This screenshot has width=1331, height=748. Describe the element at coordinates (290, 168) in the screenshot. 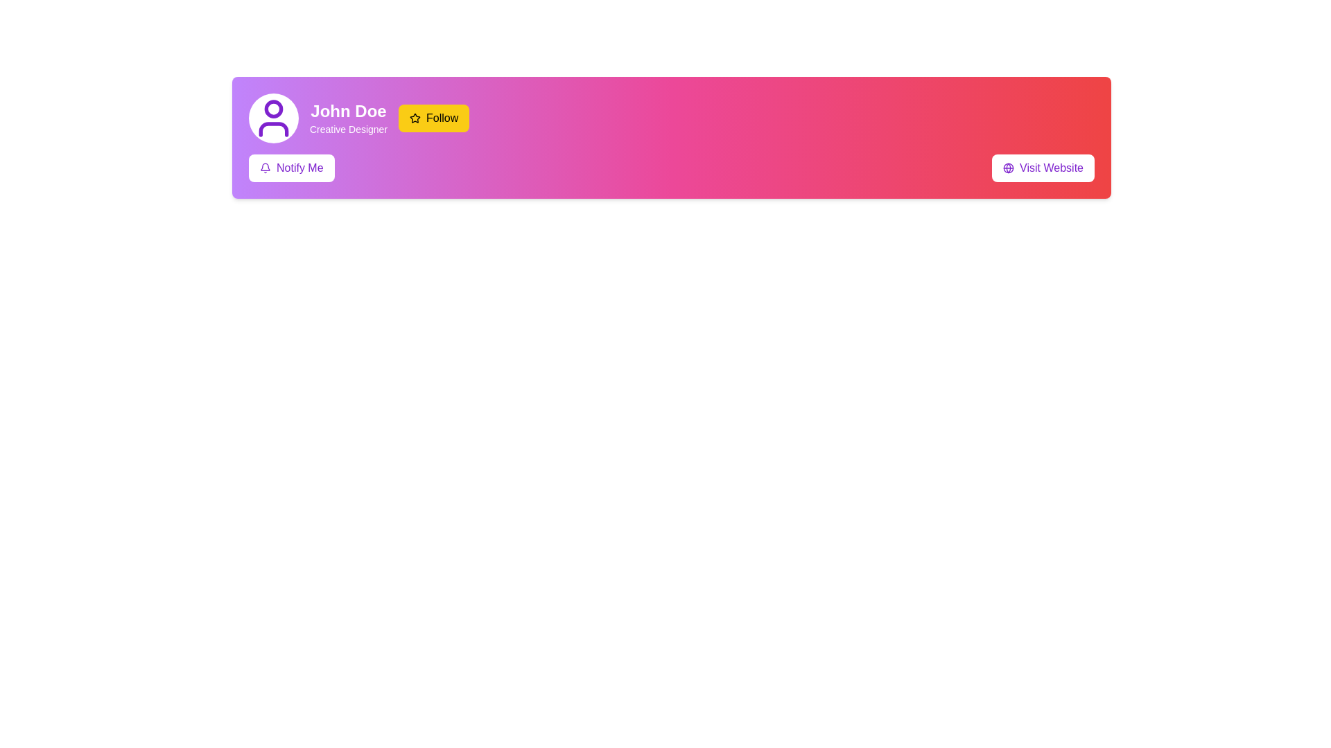

I see `the 'Notify Me' button with a white background and purple text` at that location.